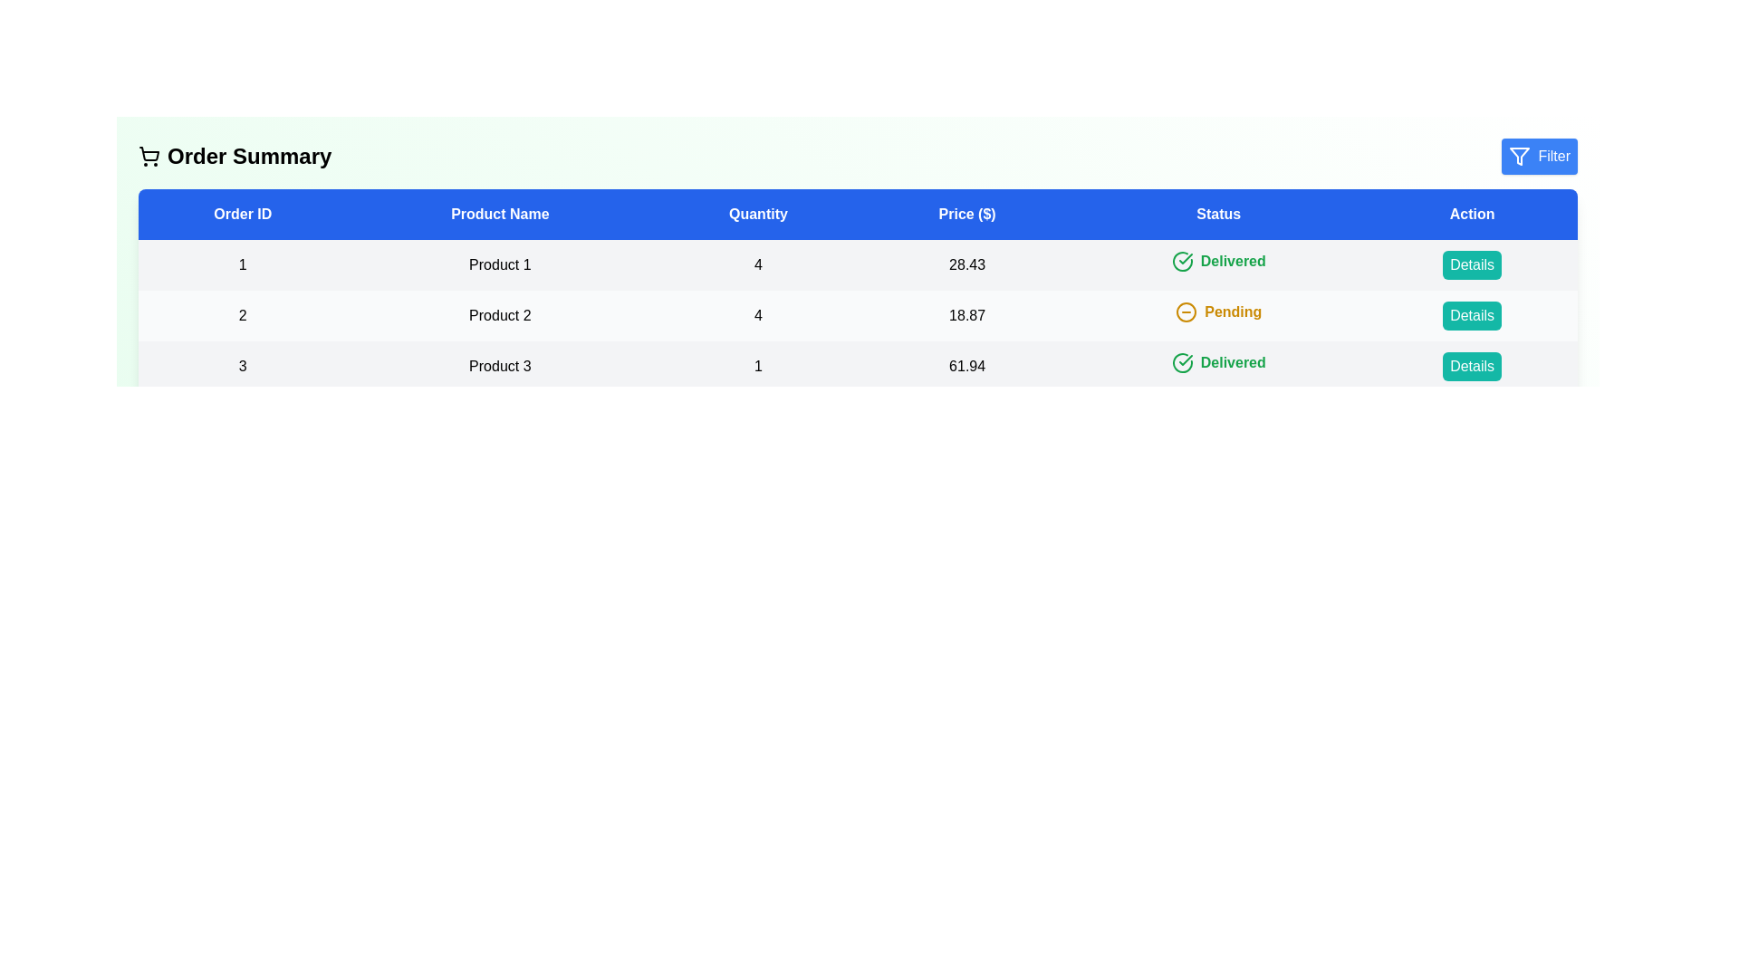  Describe the element at coordinates (1472, 314) in the screenshot. I see `the 'Details' button for the order with ID 2` at that location.